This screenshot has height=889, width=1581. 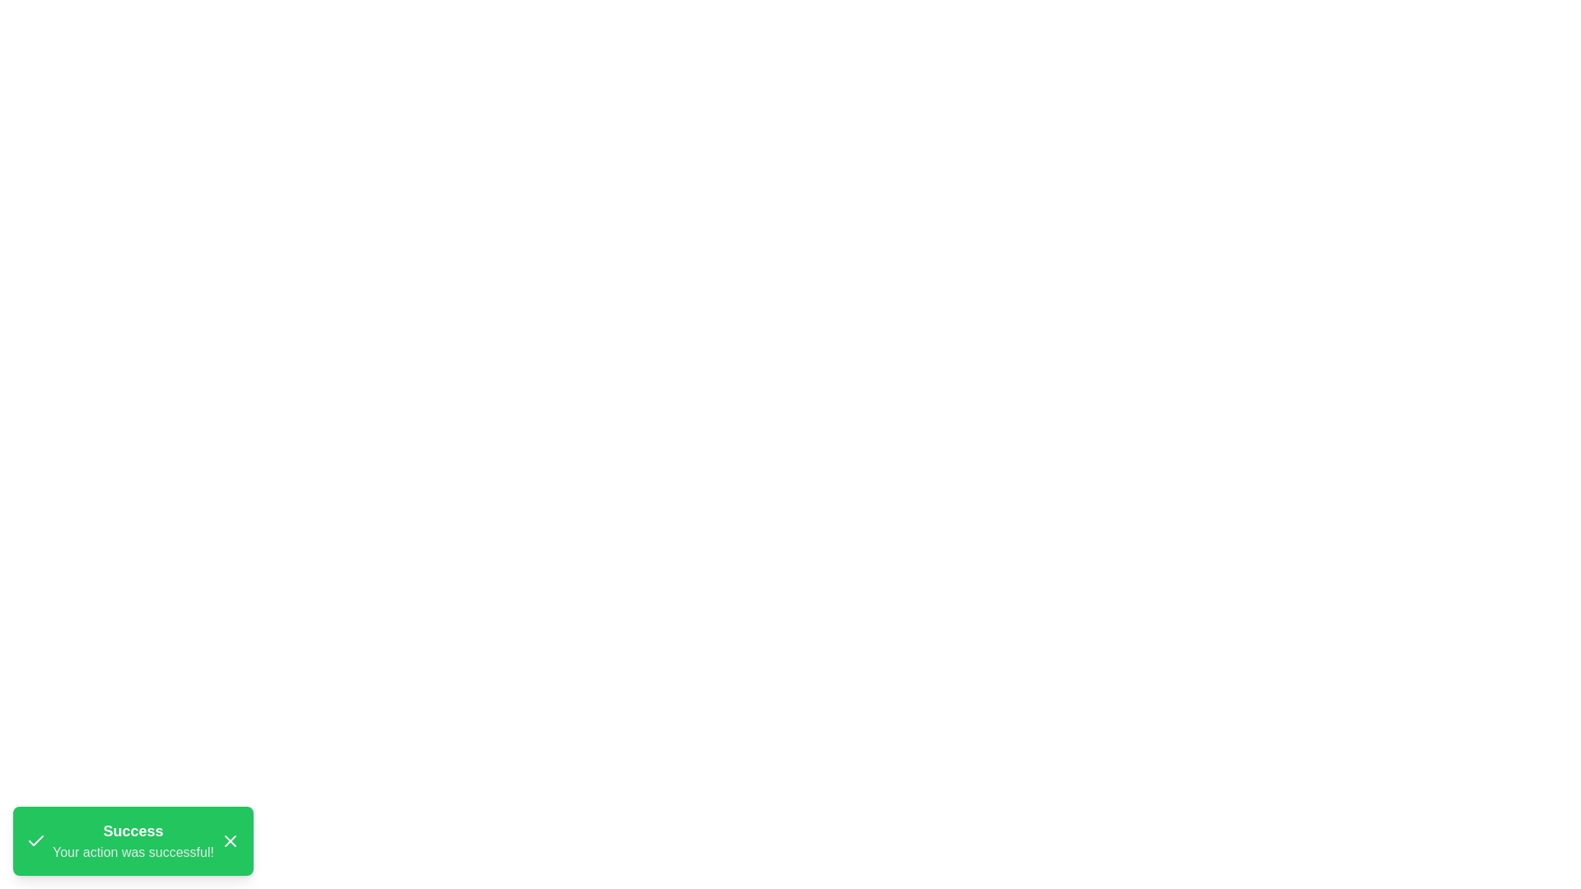 I want to click on the close button (X) of the snackbar to dismiss it, so click(x=229, y=841).